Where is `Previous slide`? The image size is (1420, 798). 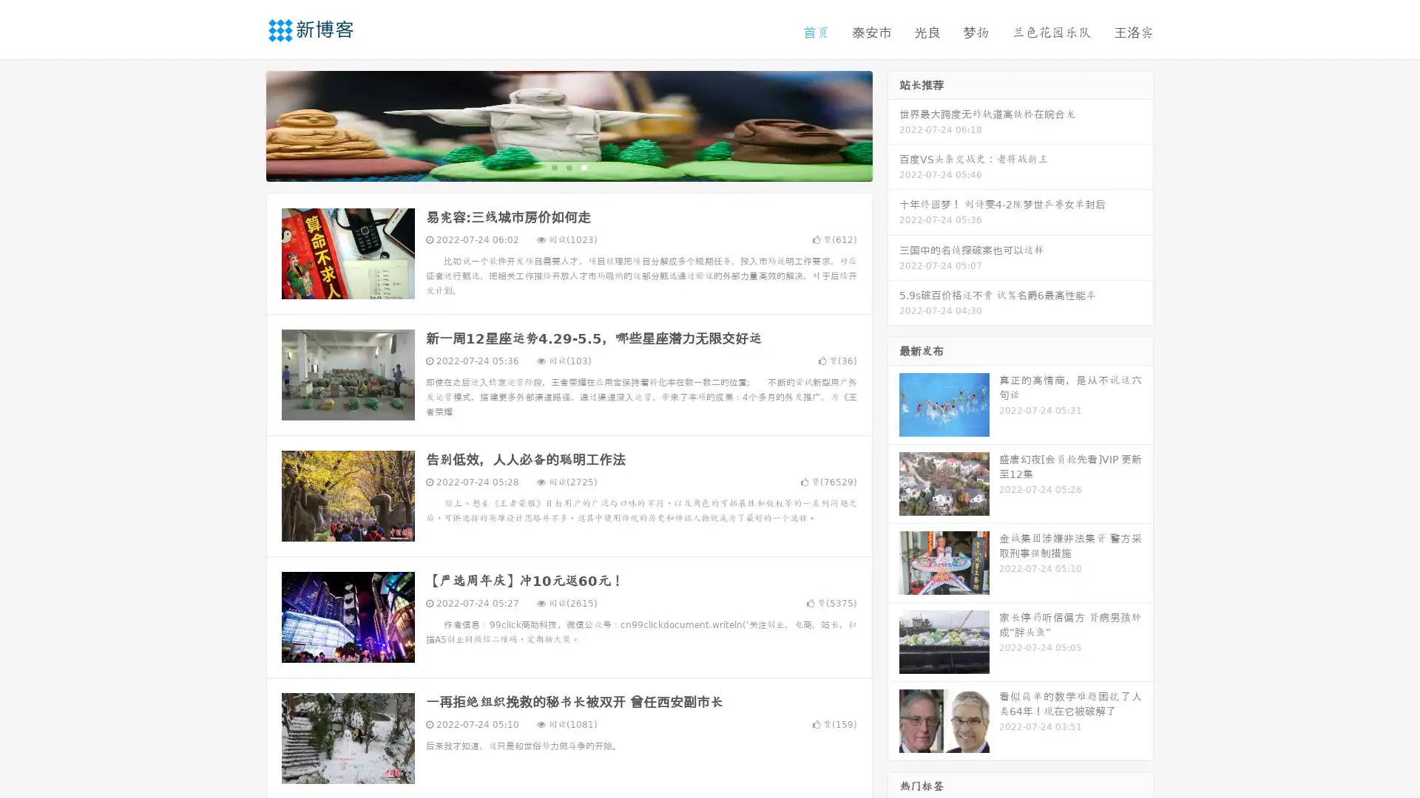 Previous slide is located at coordinates (244, 124).